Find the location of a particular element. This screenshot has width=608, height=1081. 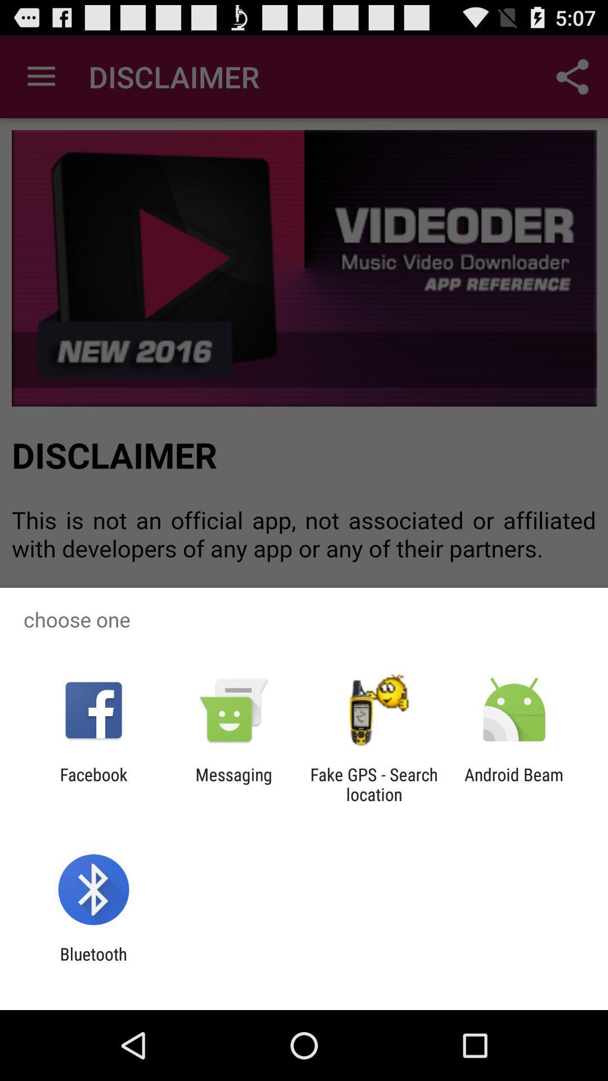

the messaging item is located at coordinates (233, 784).